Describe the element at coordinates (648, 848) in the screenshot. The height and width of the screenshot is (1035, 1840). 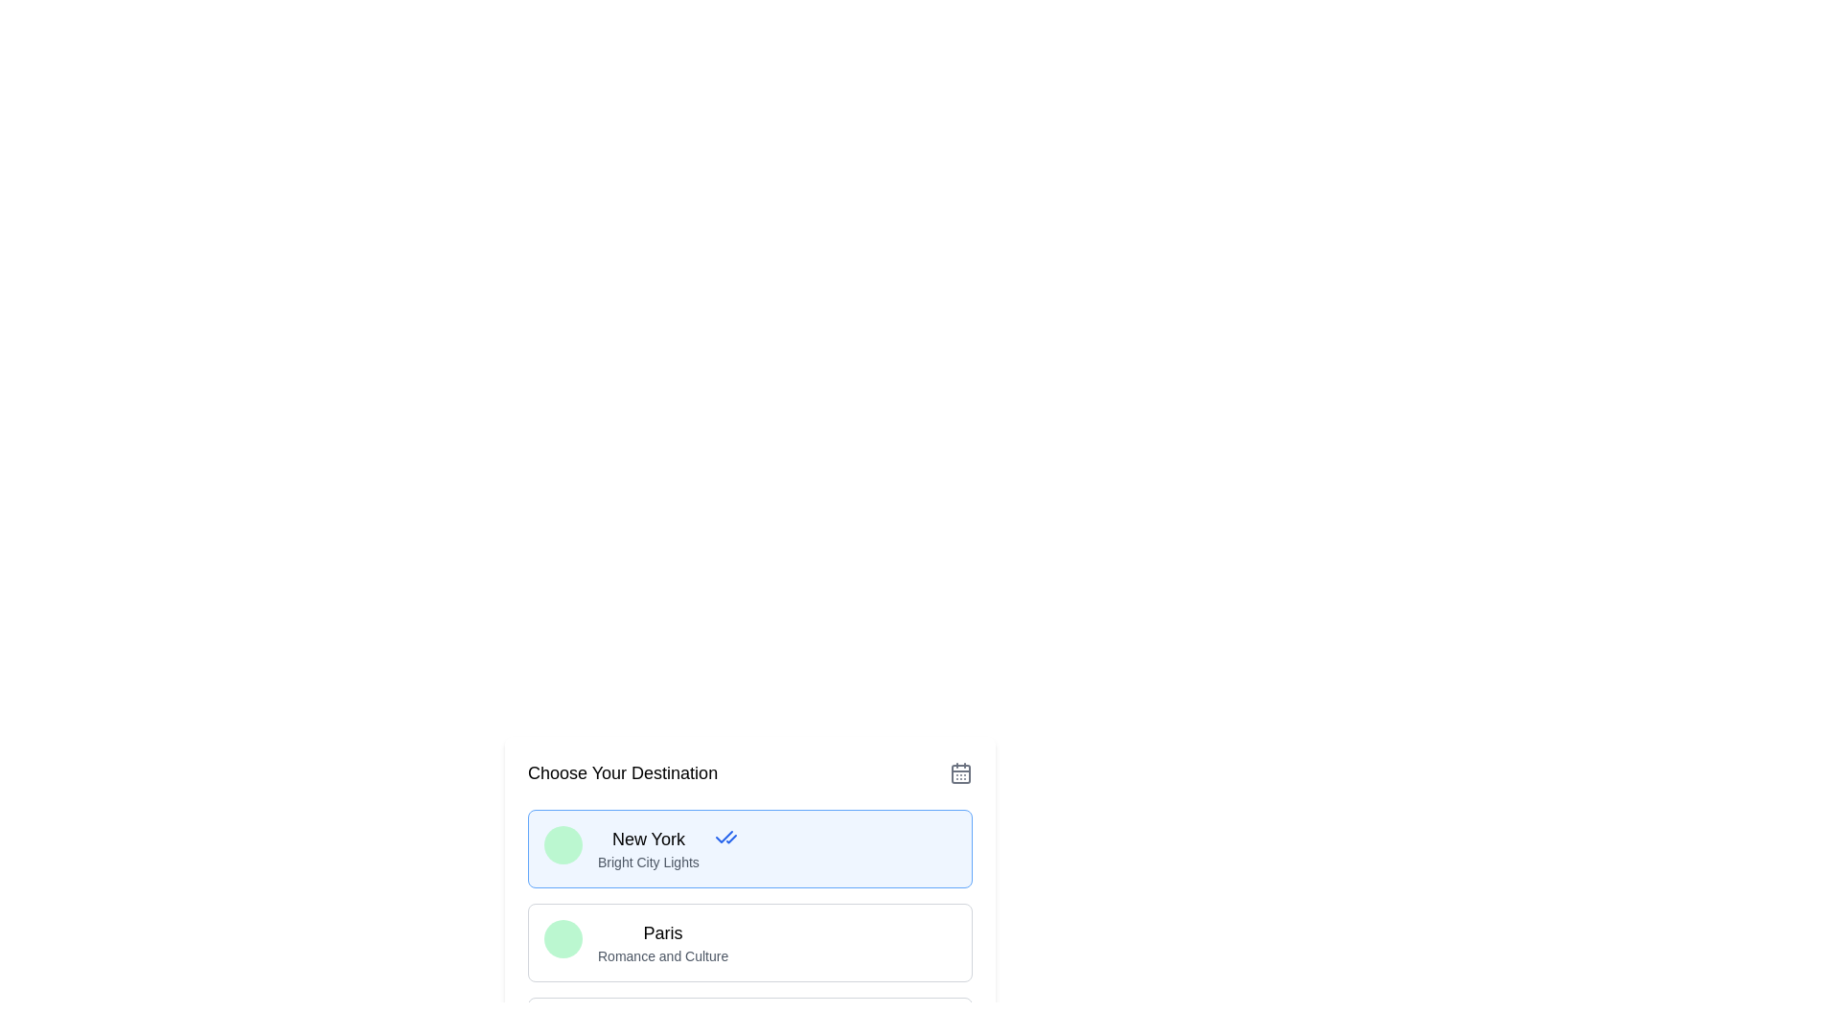
I see `the text label element displaying 'New York'` at that location.